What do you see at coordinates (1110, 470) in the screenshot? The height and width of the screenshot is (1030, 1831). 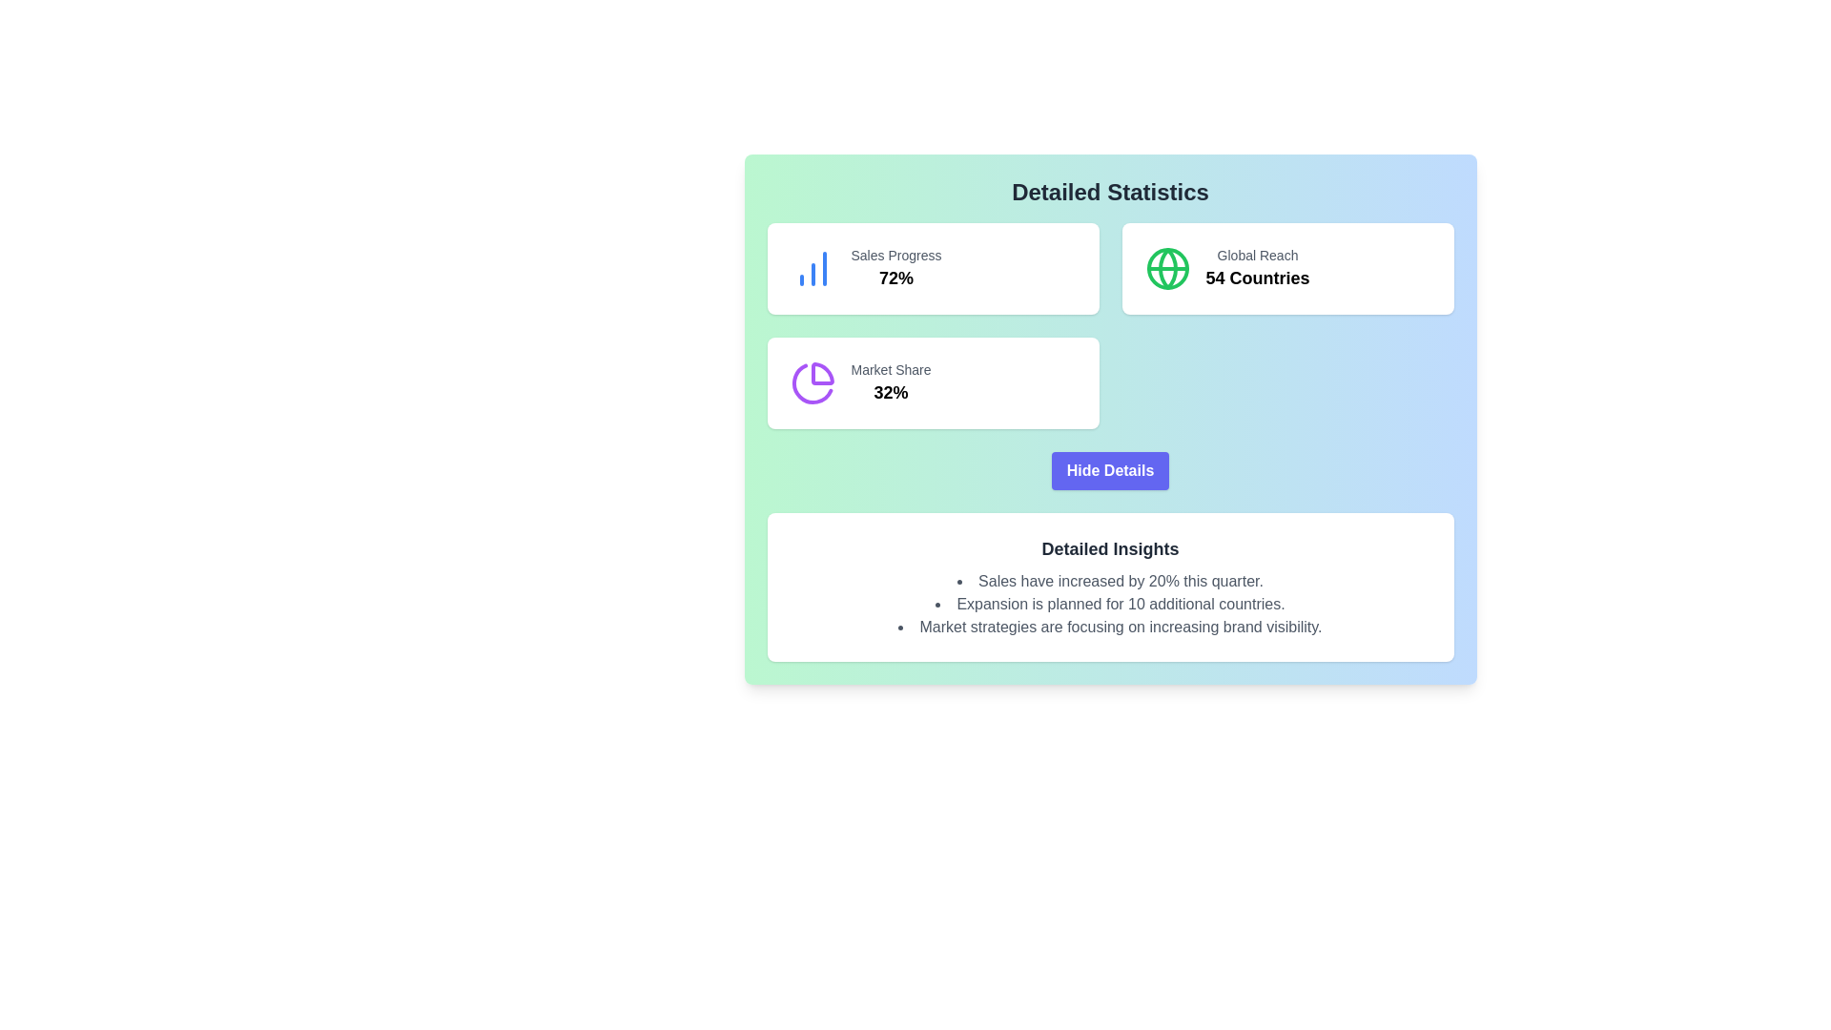 I see `the 'Hide Details' button` at bounding box center [1110, 470].